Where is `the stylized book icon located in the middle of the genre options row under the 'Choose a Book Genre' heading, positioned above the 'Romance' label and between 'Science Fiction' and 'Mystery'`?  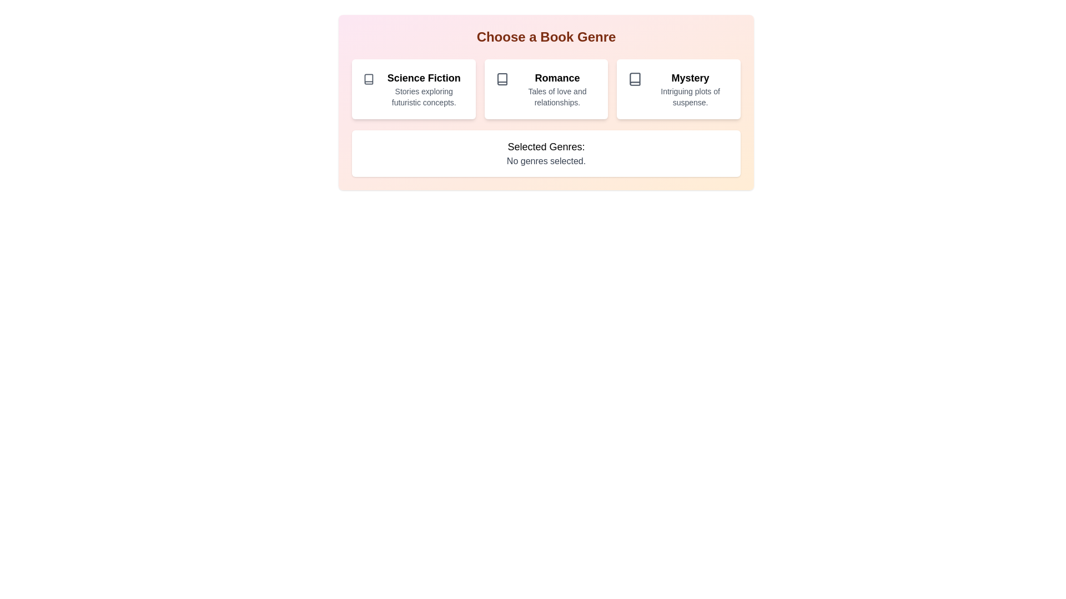
the stylized book icon located in the middle of the genre options row under the 'Choose a Book Genre' heading, positioned above the 'Romance' label and between 'Science Fiction' and 'Mystery' is located at coordinates (501, 78).